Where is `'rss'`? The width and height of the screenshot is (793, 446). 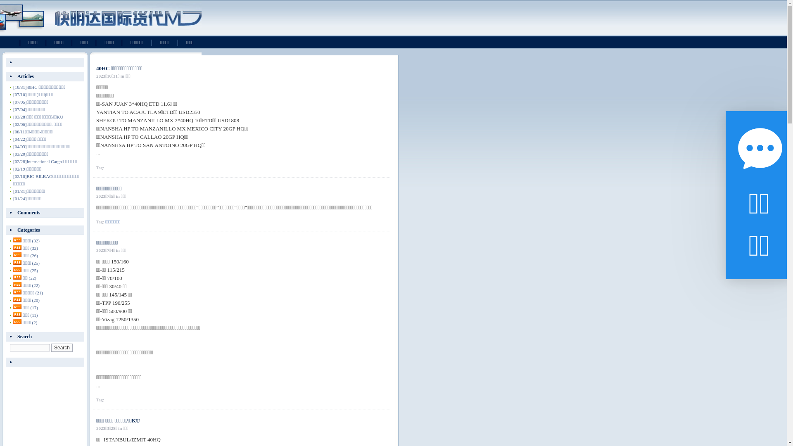
'rss' is located at coordinates (13, 299).